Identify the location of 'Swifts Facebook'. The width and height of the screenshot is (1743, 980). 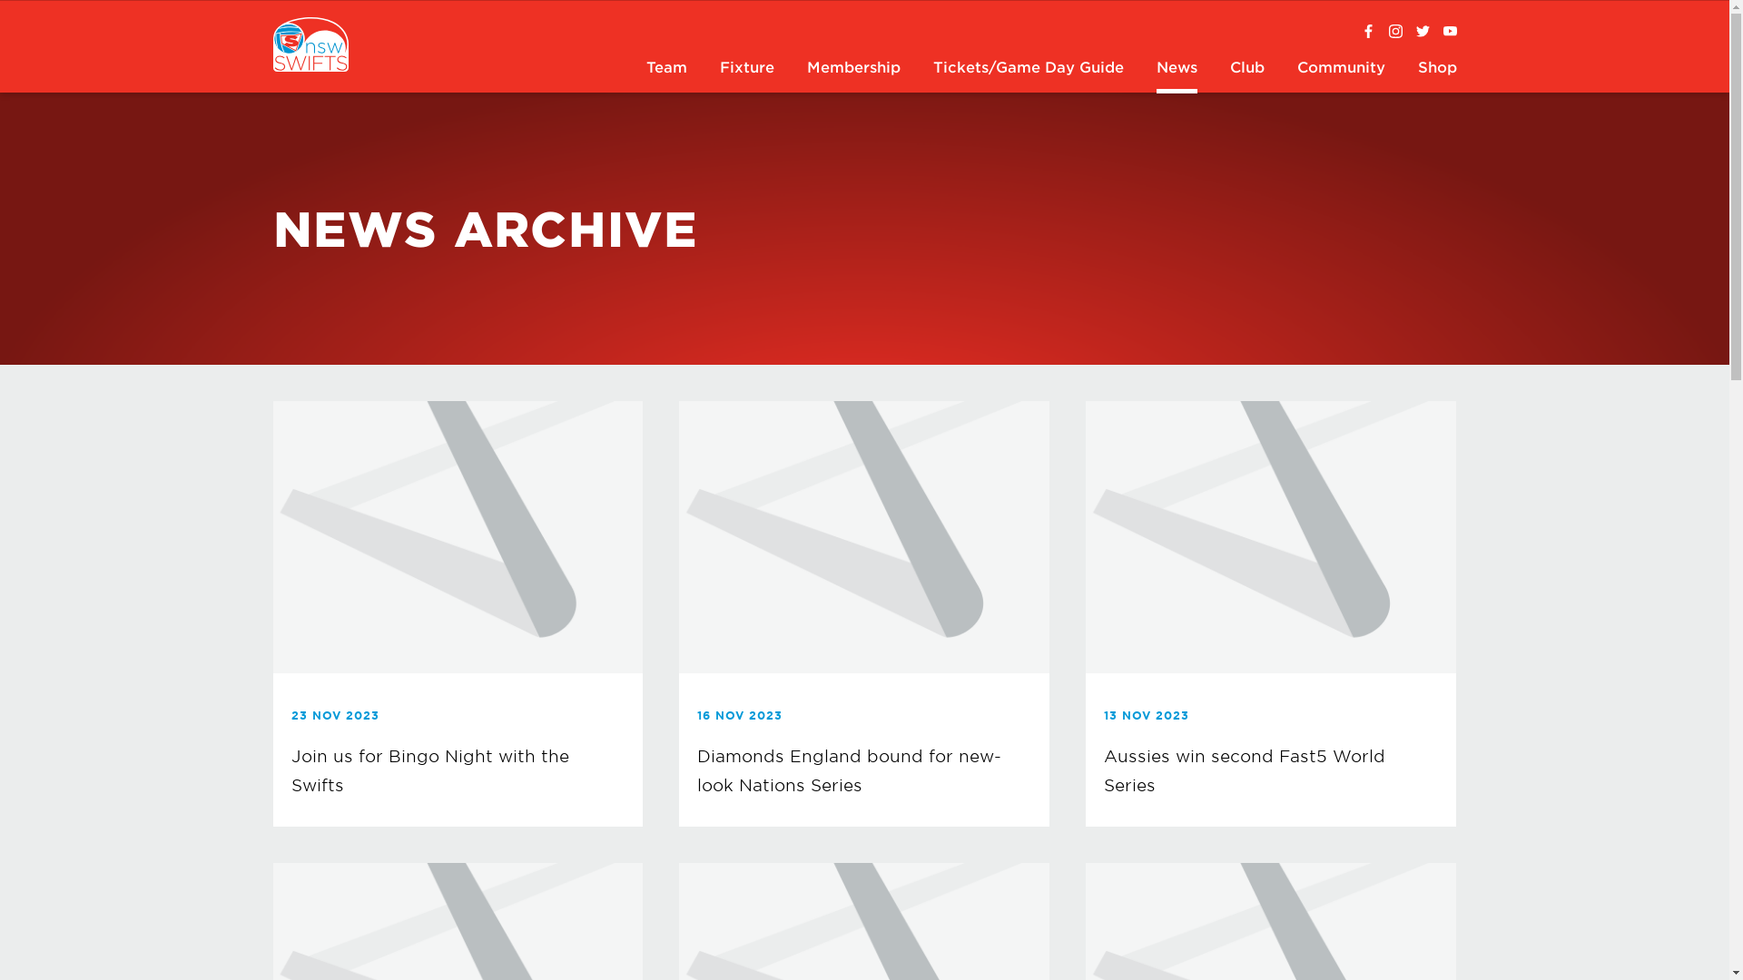
(1368, 31).